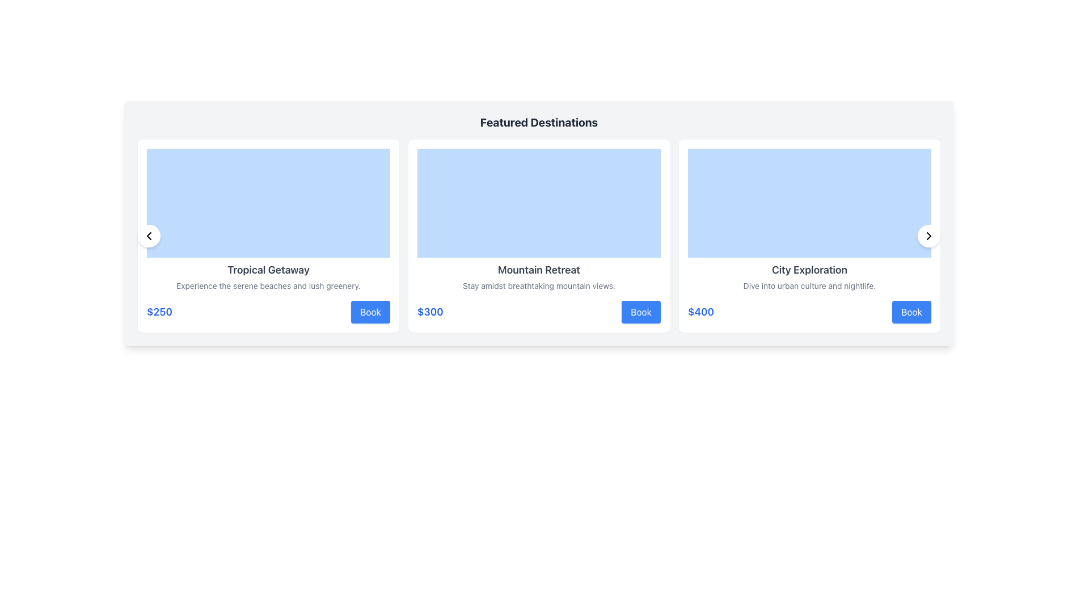  What do you see at coordinates (429, 312) in the screenshot?
I see `the price text of the Mountain Retreat destination, which is located below the 'Mountain Retreat' description and to the left of the 'Book' button in the Featured Destinations section` at bounding box center [429, 312].